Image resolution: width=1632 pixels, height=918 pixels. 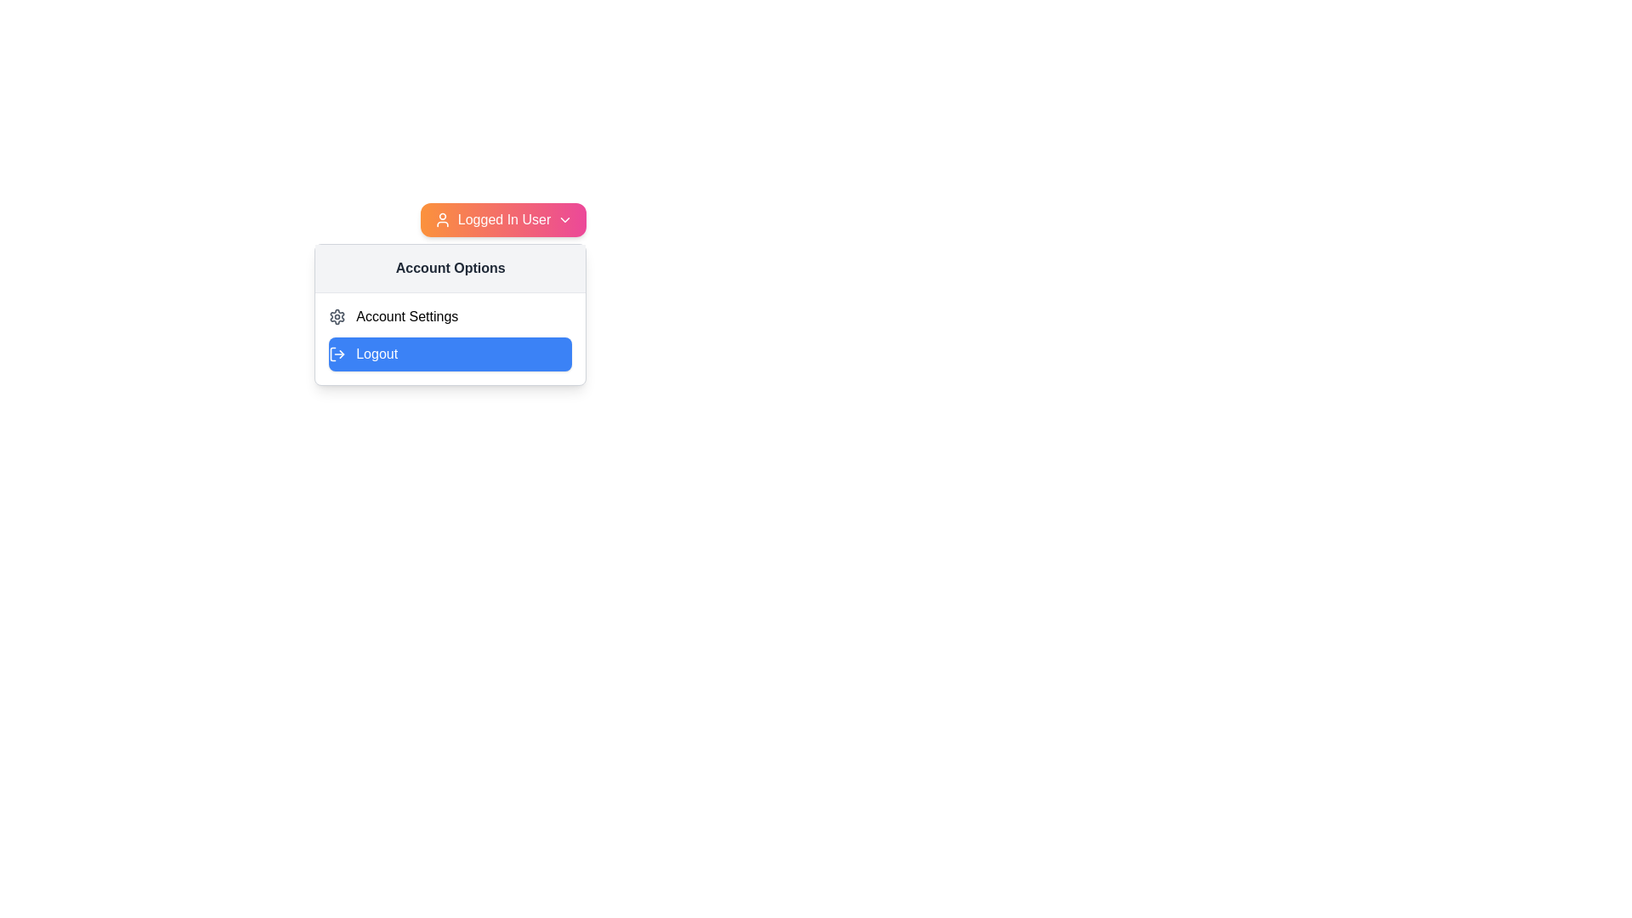 I want to click on the Text Header located at the top of the dropdown menu, which serves as a description for the options below, so click(x=450, y=268).